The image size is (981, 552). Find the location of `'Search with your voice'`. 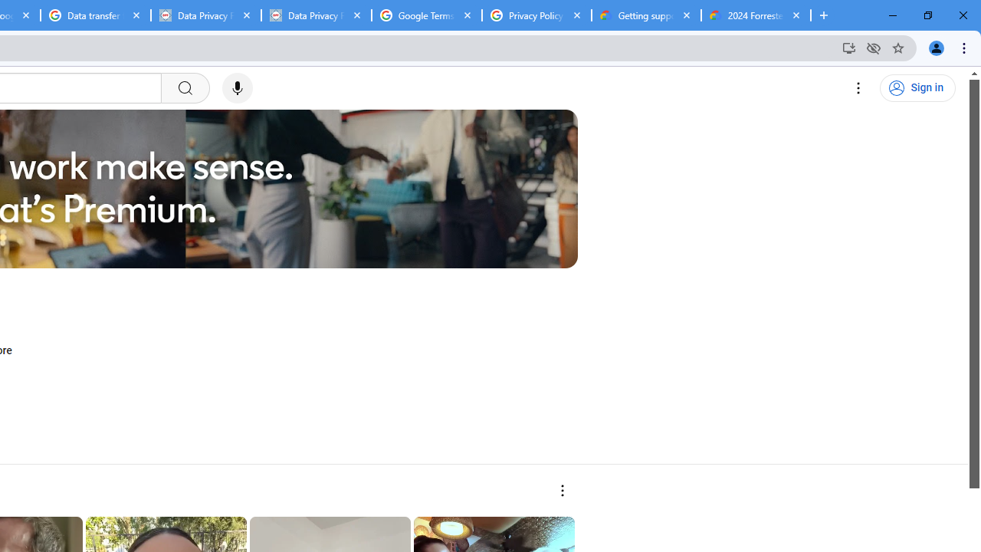

'Search with your voice' is located at coordinates (236, 88).